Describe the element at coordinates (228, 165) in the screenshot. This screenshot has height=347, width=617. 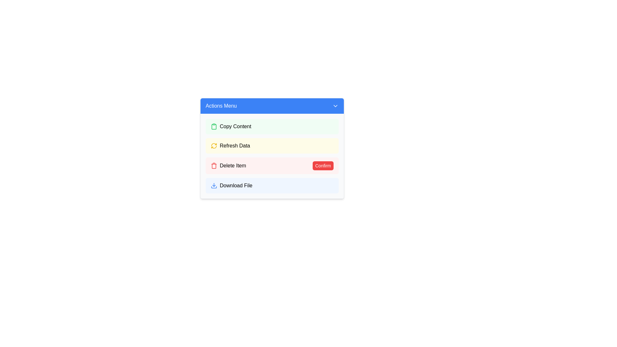
I see `the 'Delete Item' label or icon-text combination located` at that location.